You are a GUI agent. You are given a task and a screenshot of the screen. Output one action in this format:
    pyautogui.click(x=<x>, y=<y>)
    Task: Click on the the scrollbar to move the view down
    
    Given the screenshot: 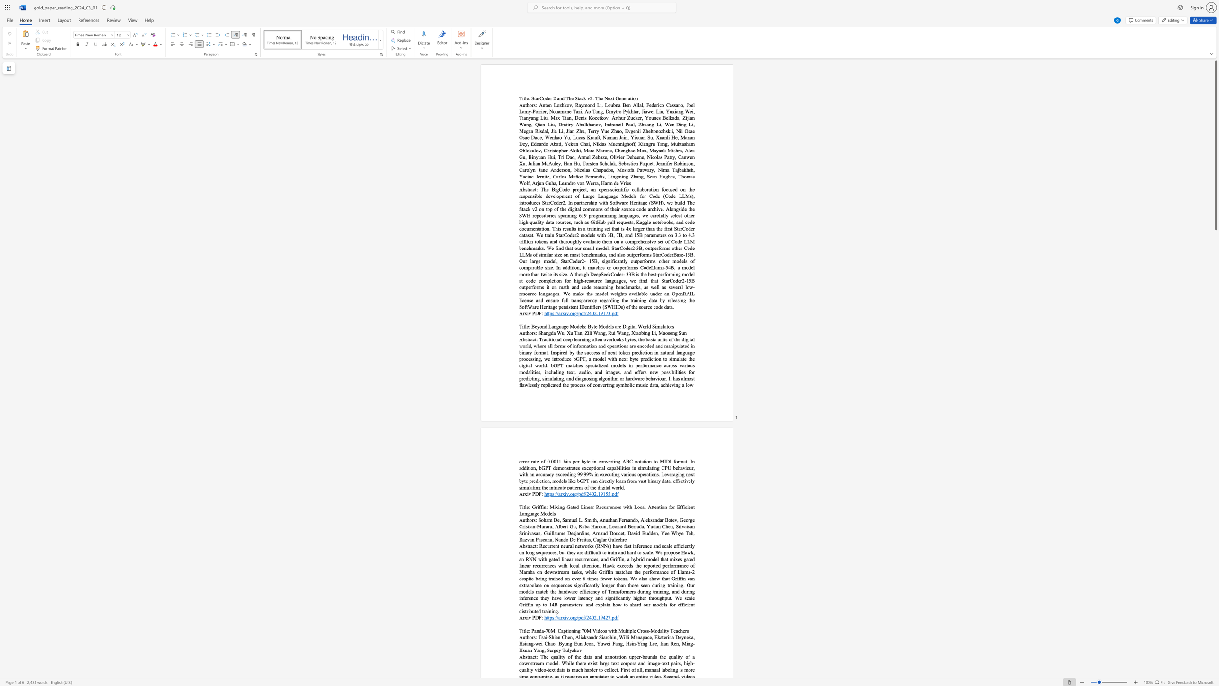 What is the action you would take?
    pyautogui.click(x=1215, y=429)
    